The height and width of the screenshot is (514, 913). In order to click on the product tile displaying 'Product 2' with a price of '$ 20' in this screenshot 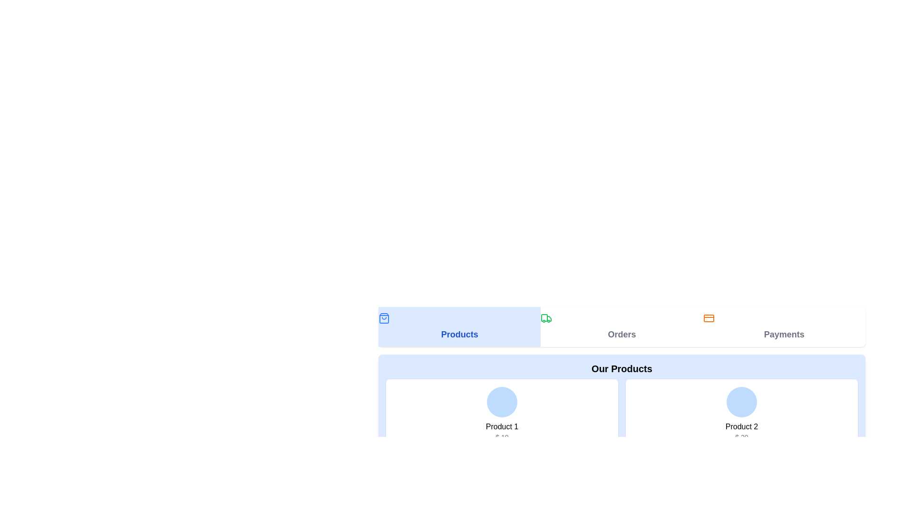, I will do `click(741, 414)`.